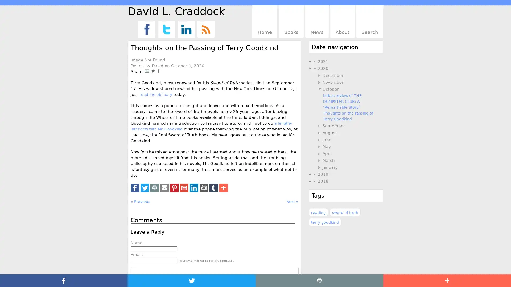 Image resolution: width=511 pixels, height=287 pixels. Describe the element at coordinates (184, 187) in the screenshot. I see `Share to Gmail` at that location.